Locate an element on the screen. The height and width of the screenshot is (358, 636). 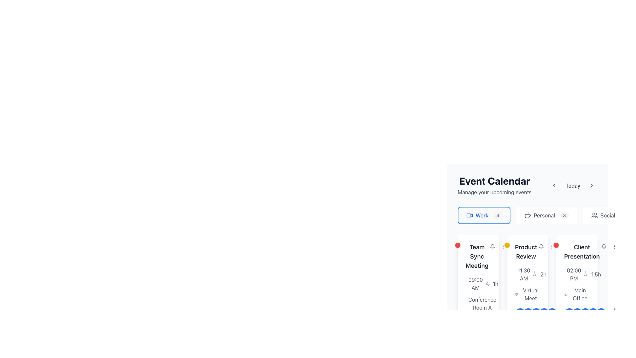
the outermost circular boundary of the clock icon within the 'Client Presentation' event card located in the third column of the event list under the 'Event Calendar' is located at coordinates (568, 276).